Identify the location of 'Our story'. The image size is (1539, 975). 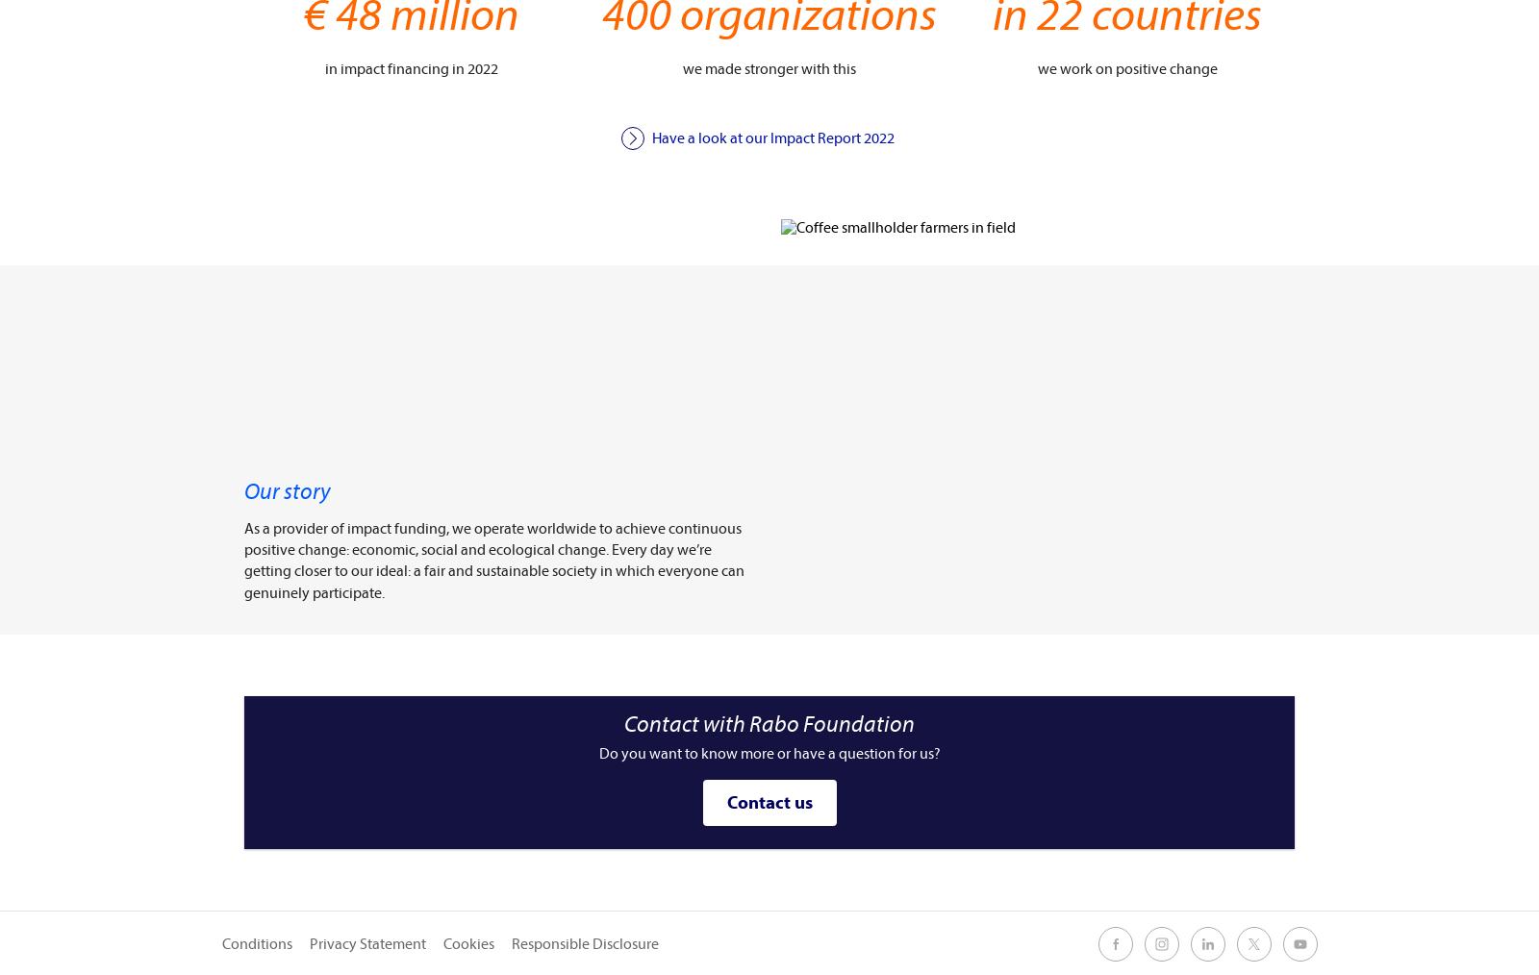
(288, 489).